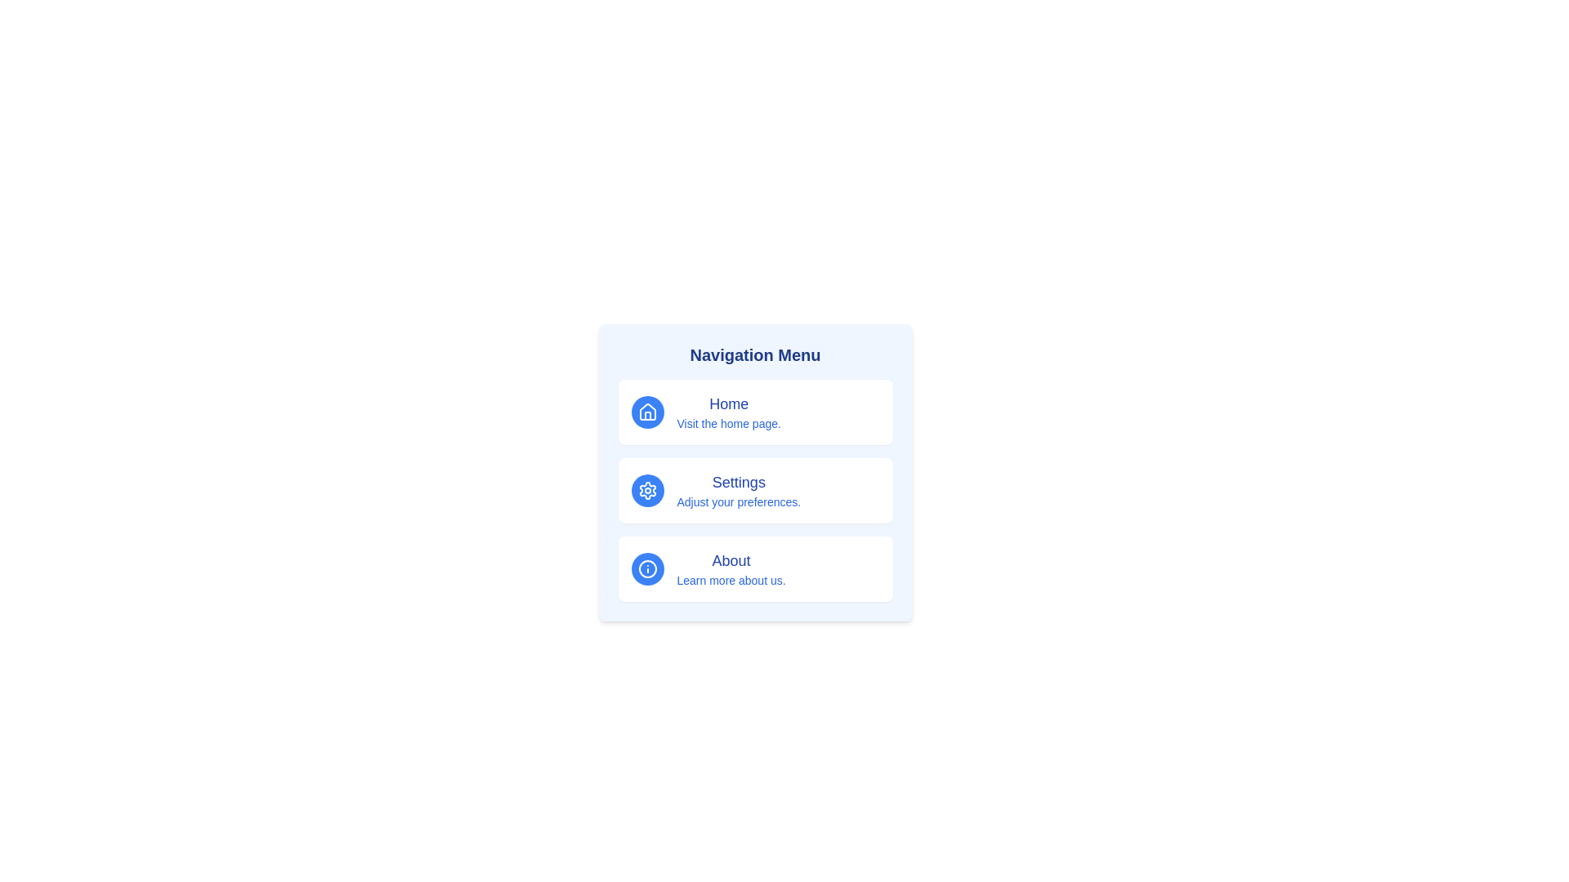  I want to click on the circular blue button with a white gear icon, located to the left of the 'Settings' text, so click(646, 490).